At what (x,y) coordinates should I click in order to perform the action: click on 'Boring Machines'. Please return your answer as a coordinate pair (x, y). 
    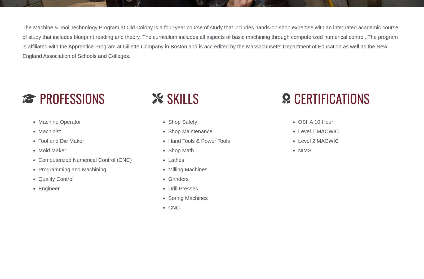
    Looking at the image, I should click on (168, 198).